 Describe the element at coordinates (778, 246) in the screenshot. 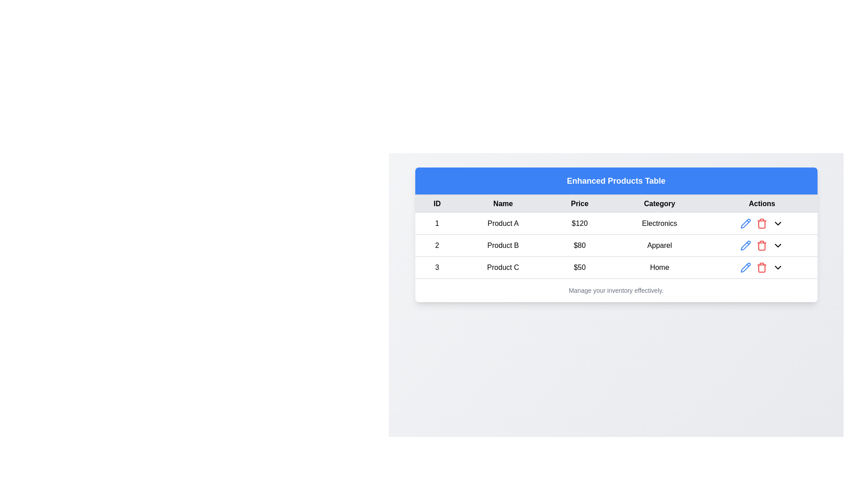

I see `the downward-pointing chevron icon` at that location.